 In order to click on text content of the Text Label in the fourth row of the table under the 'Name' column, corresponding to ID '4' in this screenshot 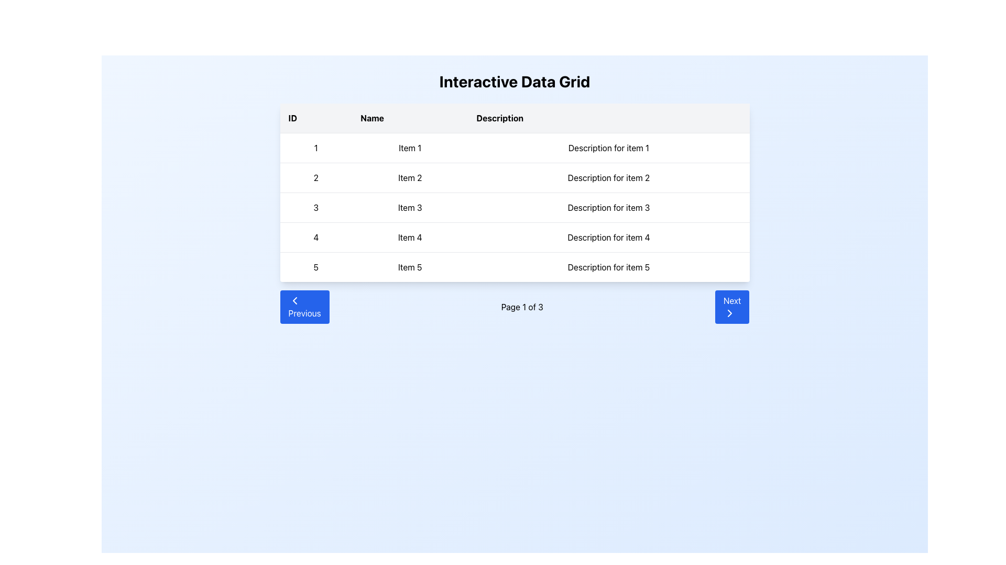, I will do `click(409, 238)`.